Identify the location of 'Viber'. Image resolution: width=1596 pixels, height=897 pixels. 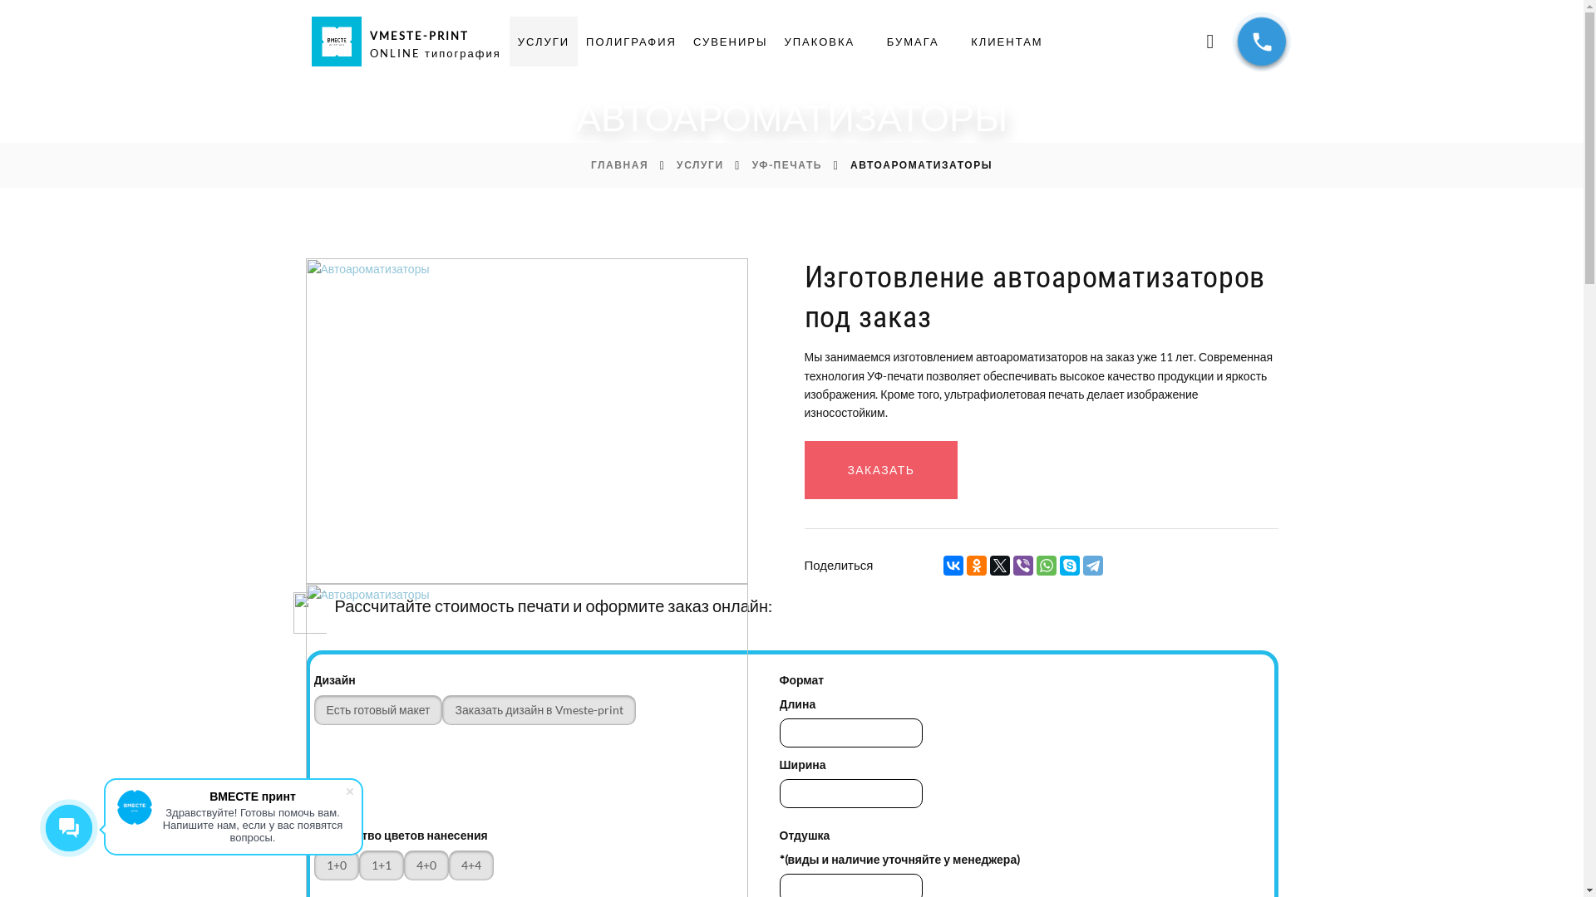
(1022, 565).